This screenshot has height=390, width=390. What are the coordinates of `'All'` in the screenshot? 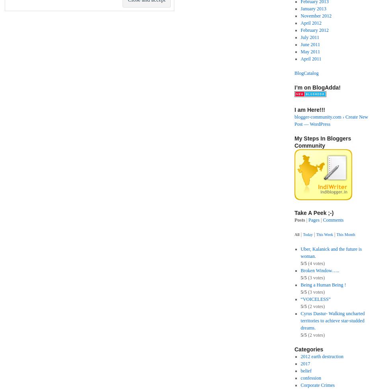 It's located at (296, 234).